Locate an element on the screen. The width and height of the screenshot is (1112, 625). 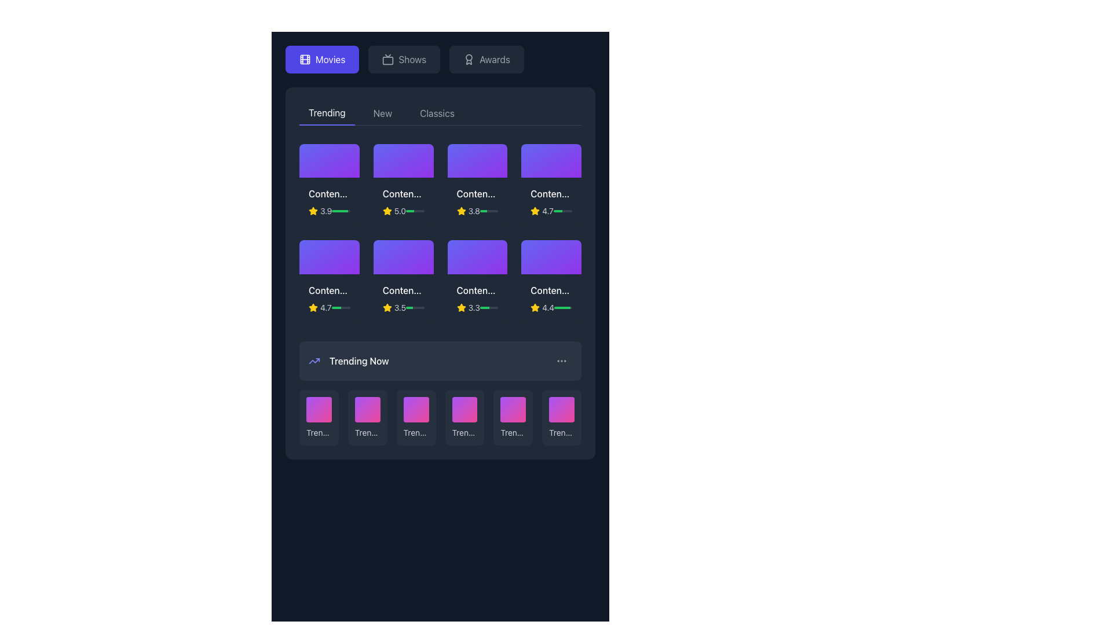
the award ribbon icon located in the top row of the interface, aligned to the left of the 'Awards' text in the horizontal menu bar is located at coordinates (469, 60).